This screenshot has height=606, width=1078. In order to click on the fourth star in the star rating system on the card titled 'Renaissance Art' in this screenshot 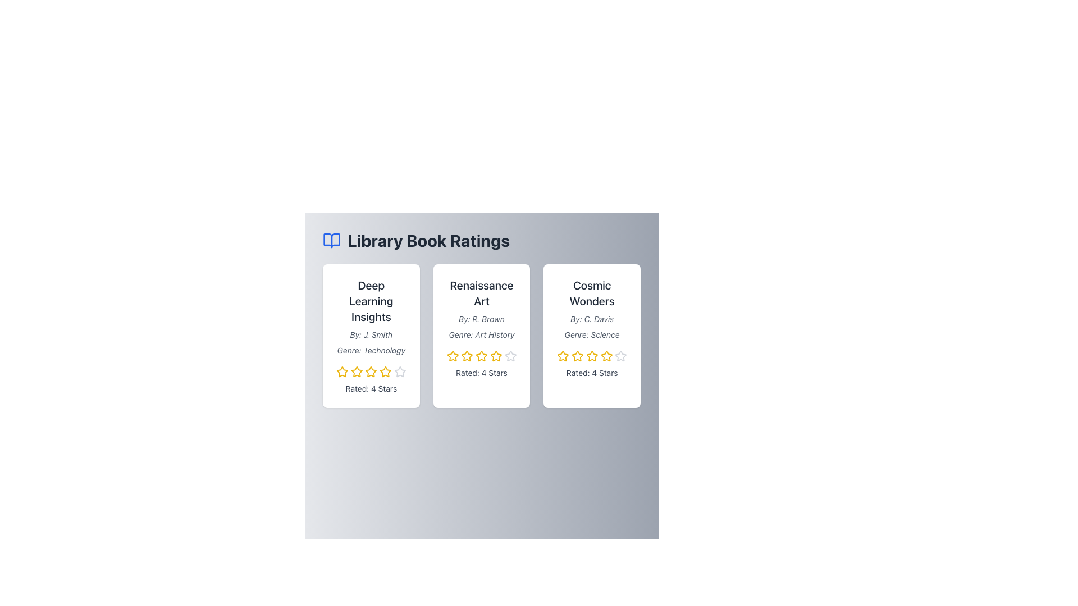, I will do `click(482, 356)`.